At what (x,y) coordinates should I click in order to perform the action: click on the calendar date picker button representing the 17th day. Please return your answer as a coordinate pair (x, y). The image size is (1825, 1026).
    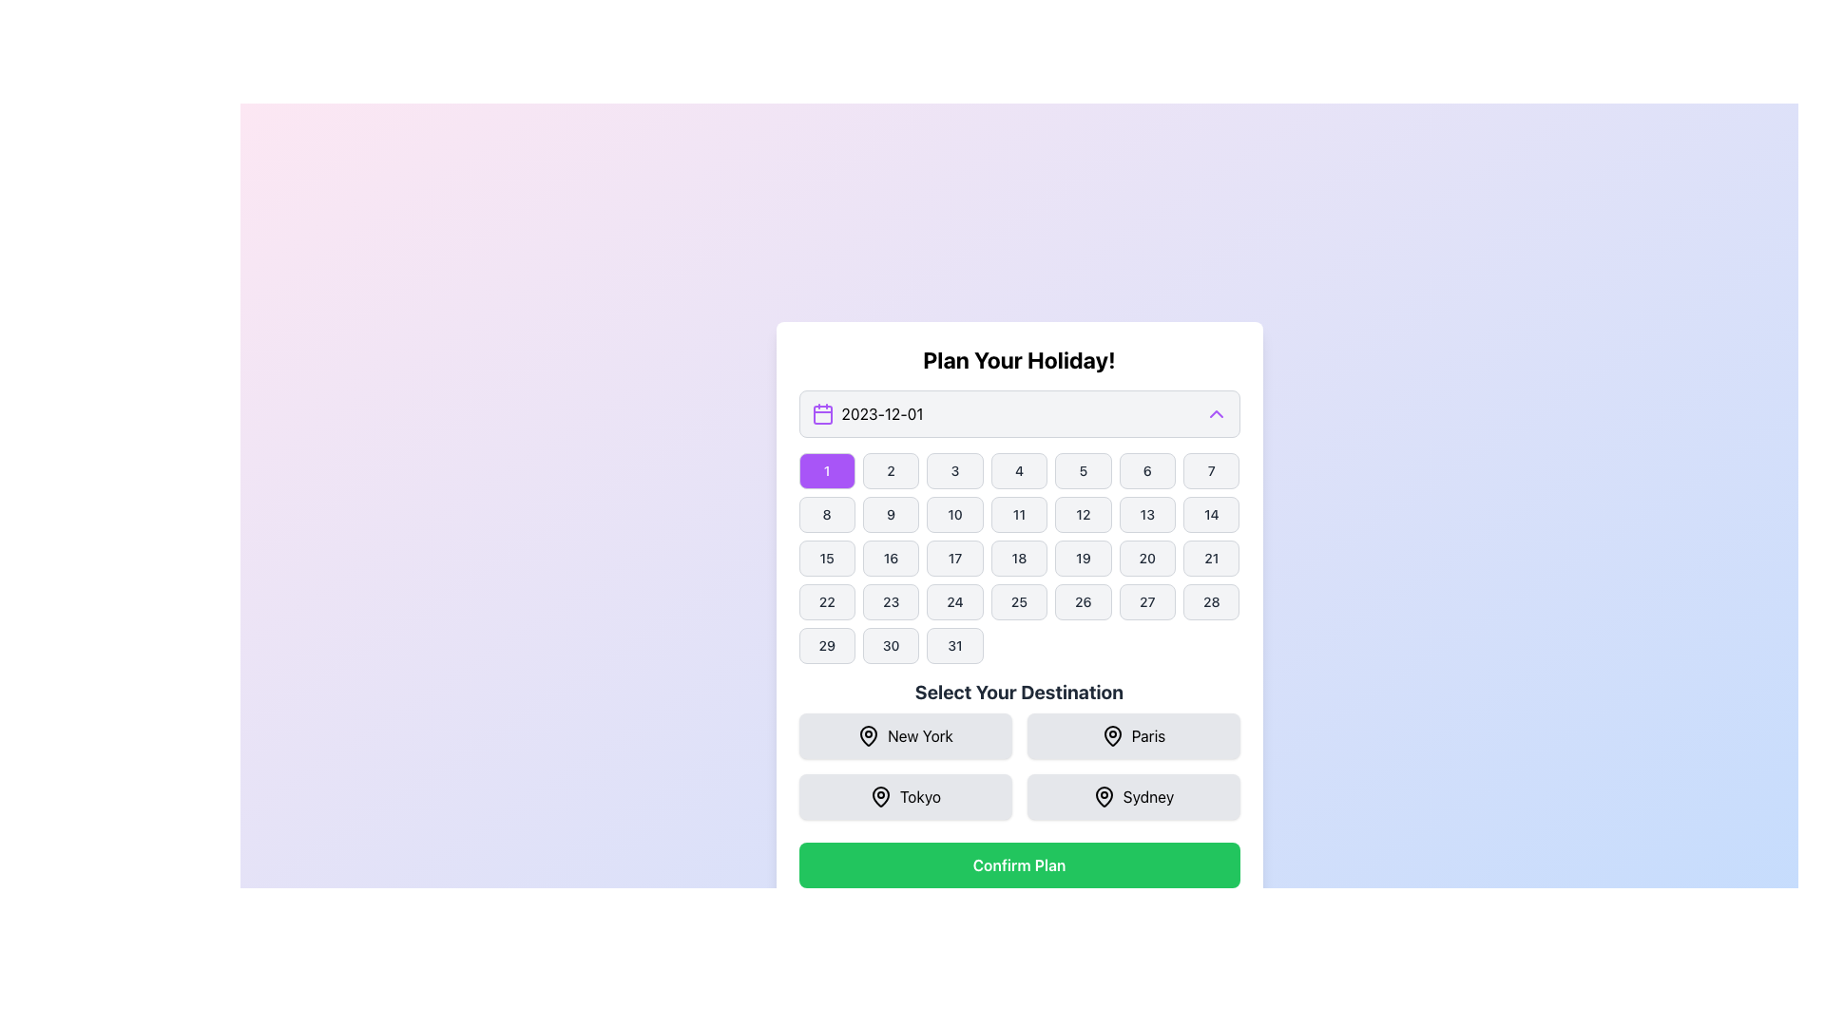
    Looking at the image, I should click on (955, 557).